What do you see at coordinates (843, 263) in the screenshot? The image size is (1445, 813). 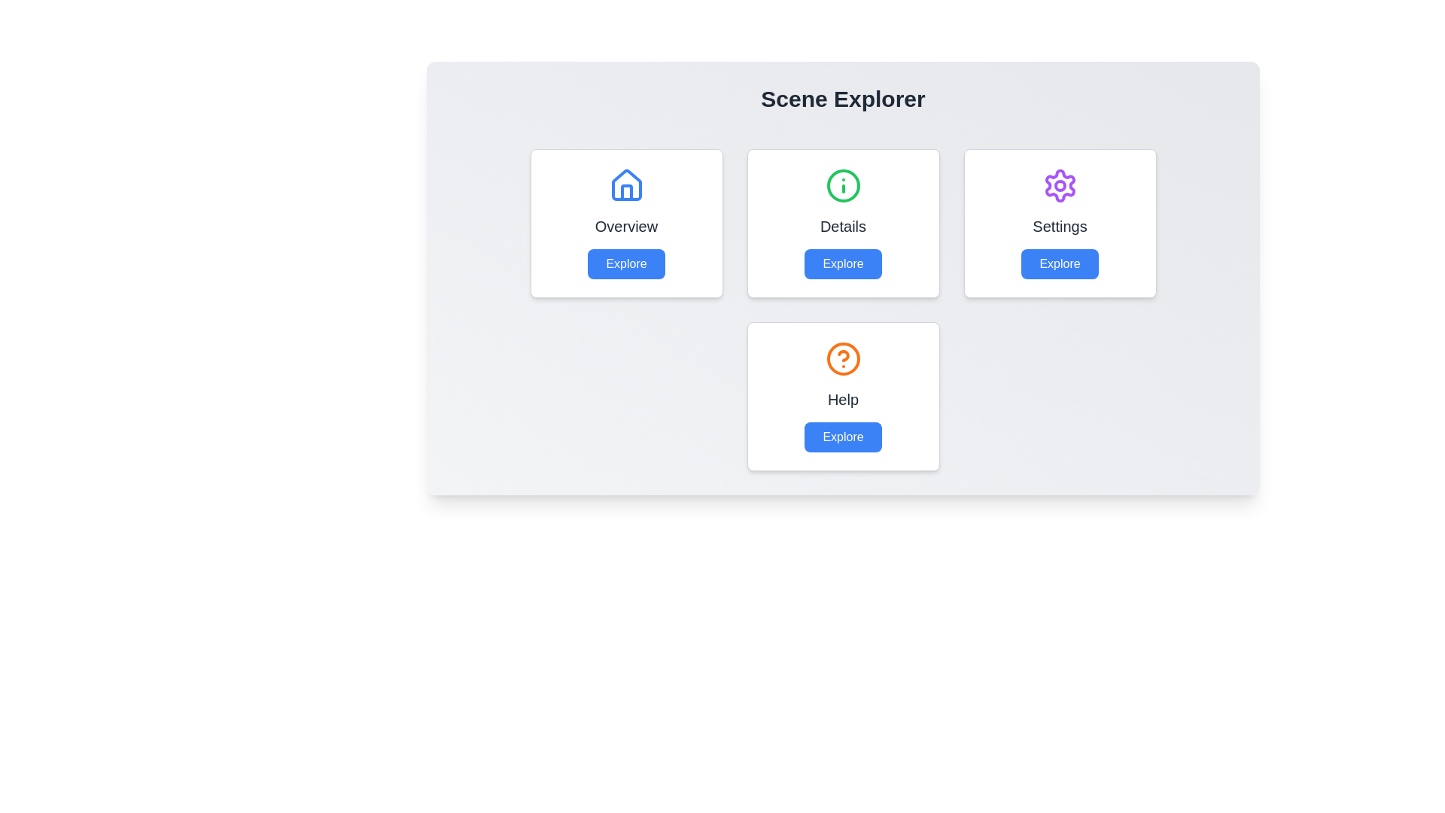 I see `the button located at the bottom of the 'Details' card in the second column to visualize hover effects` at bounding box center [843, 263].